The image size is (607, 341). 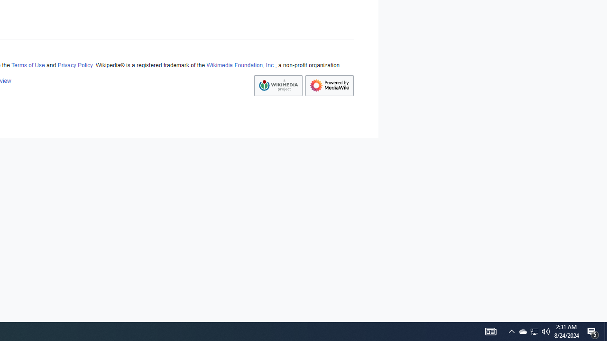 What do you see at coordinates (277, 86) in the screenshot?
I see `'AutomationID: footer-copyrightico'` at bounding box center [277, 86].